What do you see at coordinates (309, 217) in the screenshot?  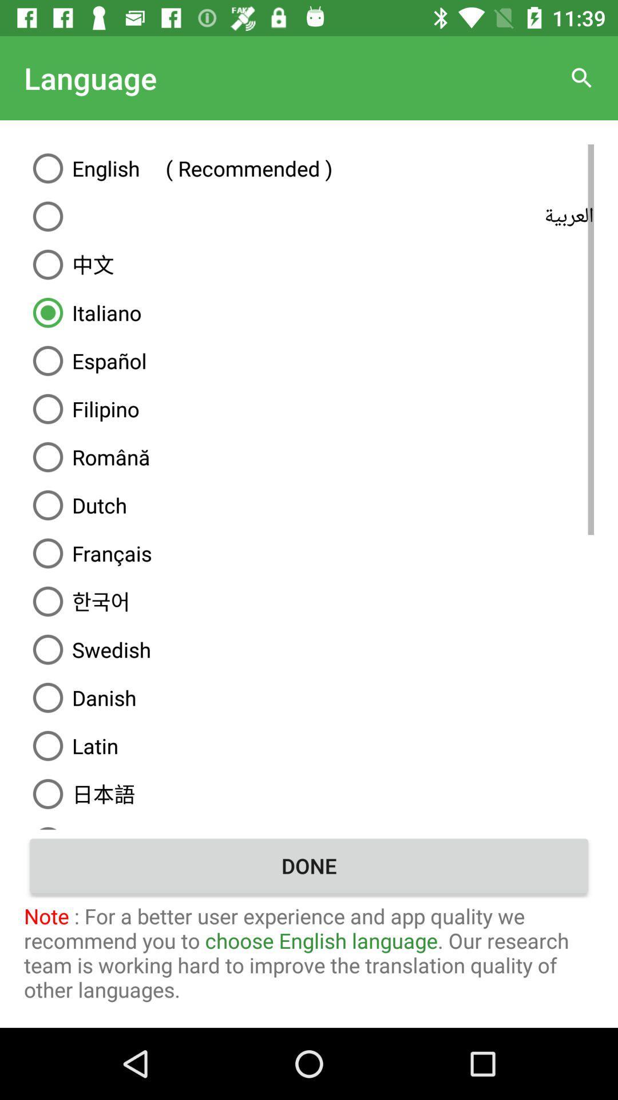 I see `the icon below the english     ( recommended )` at bounding box center [309, 217].